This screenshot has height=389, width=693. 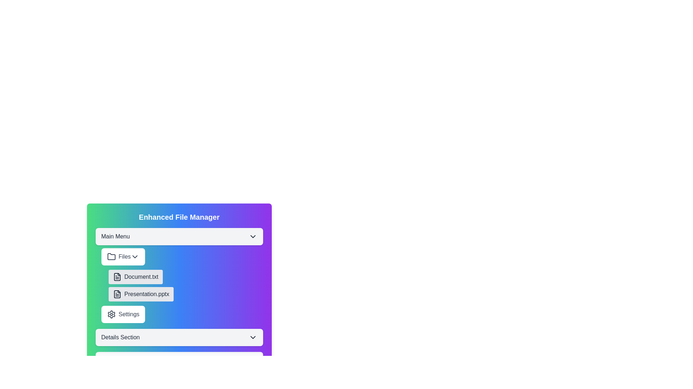 What do you see at coordinates (111, 314) in the screenshot?
I see `the 'Settings' button, which contains a gear icon representing settings` at bounding box center [111, 314].